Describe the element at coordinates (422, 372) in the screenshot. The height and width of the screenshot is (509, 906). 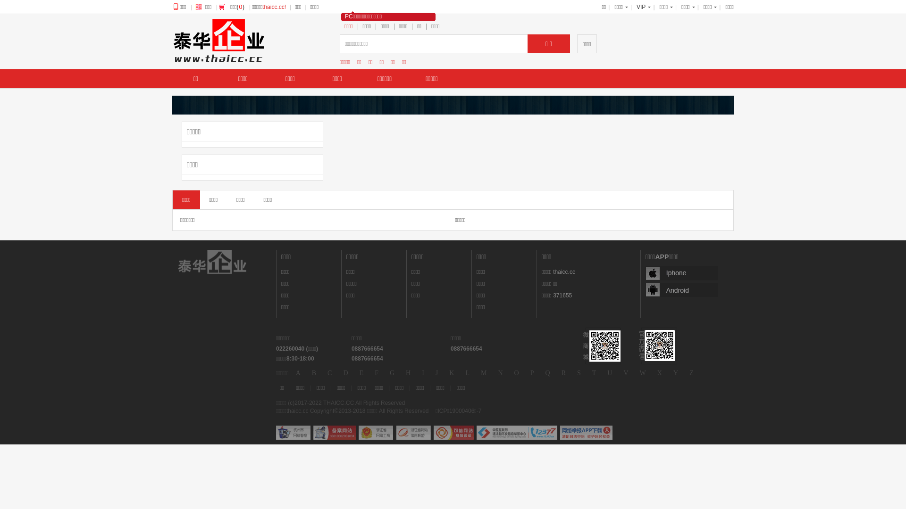
I see `'I'` at that location.